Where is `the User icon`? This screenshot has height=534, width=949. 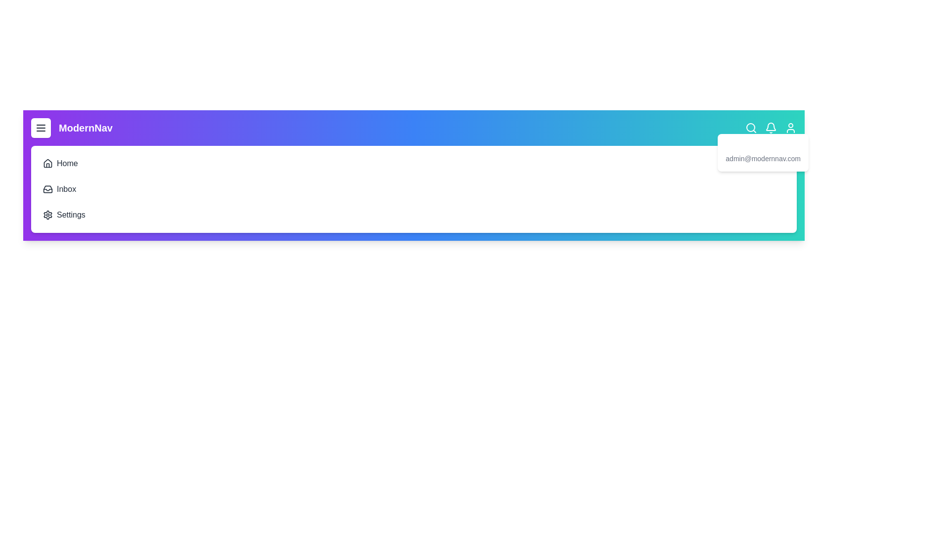 the User icon is located at coordinates (790, 127).